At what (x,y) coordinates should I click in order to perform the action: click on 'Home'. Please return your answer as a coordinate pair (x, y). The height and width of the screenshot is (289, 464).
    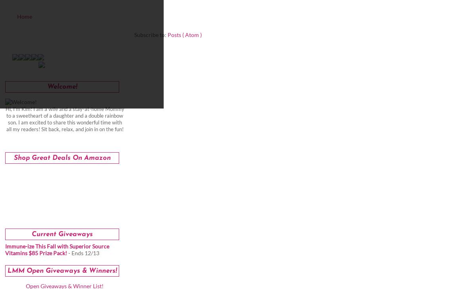
    Looking at the image, I should click on (17, 16).